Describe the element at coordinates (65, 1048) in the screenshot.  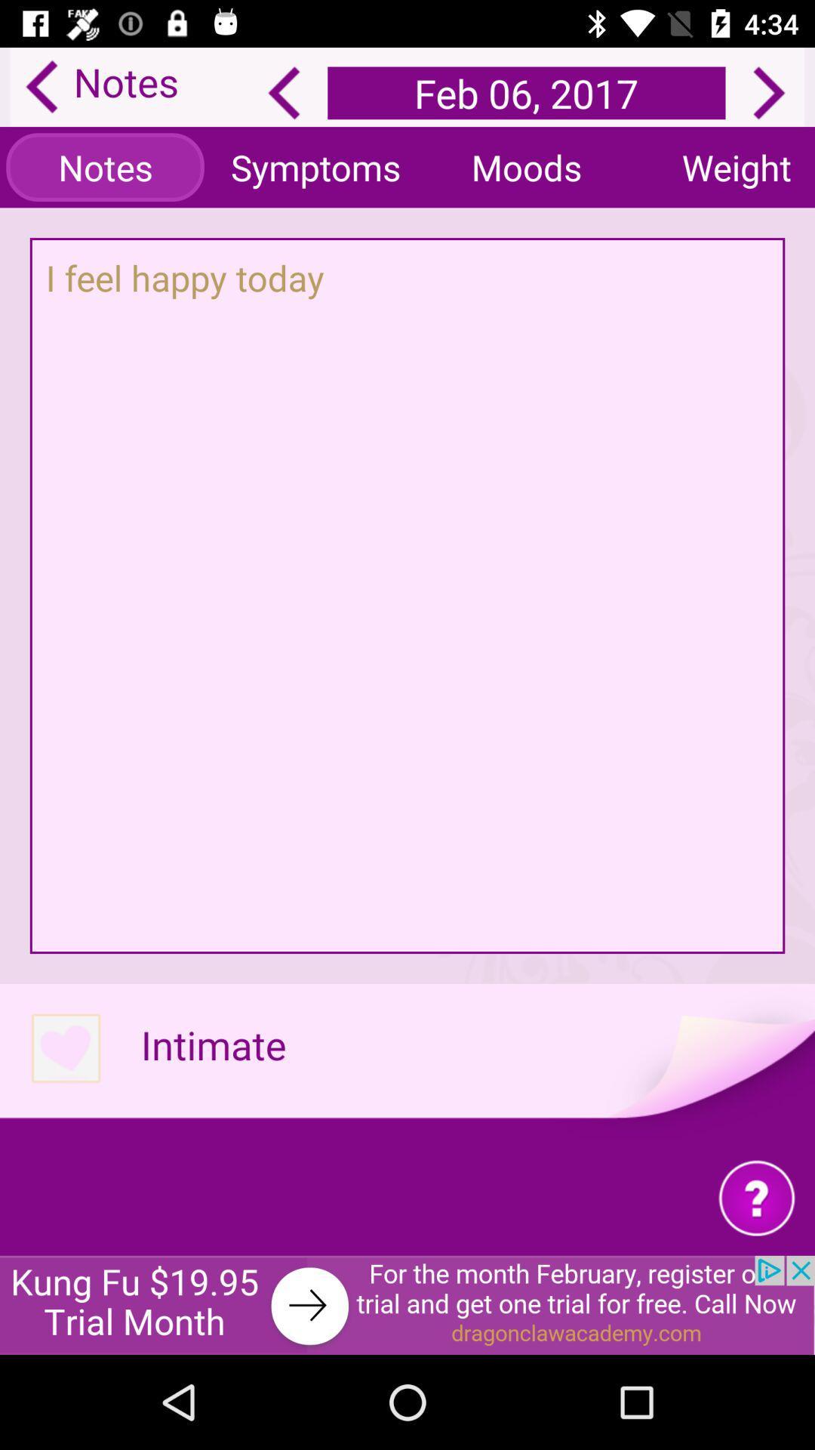
I see `to favorites` at that location.